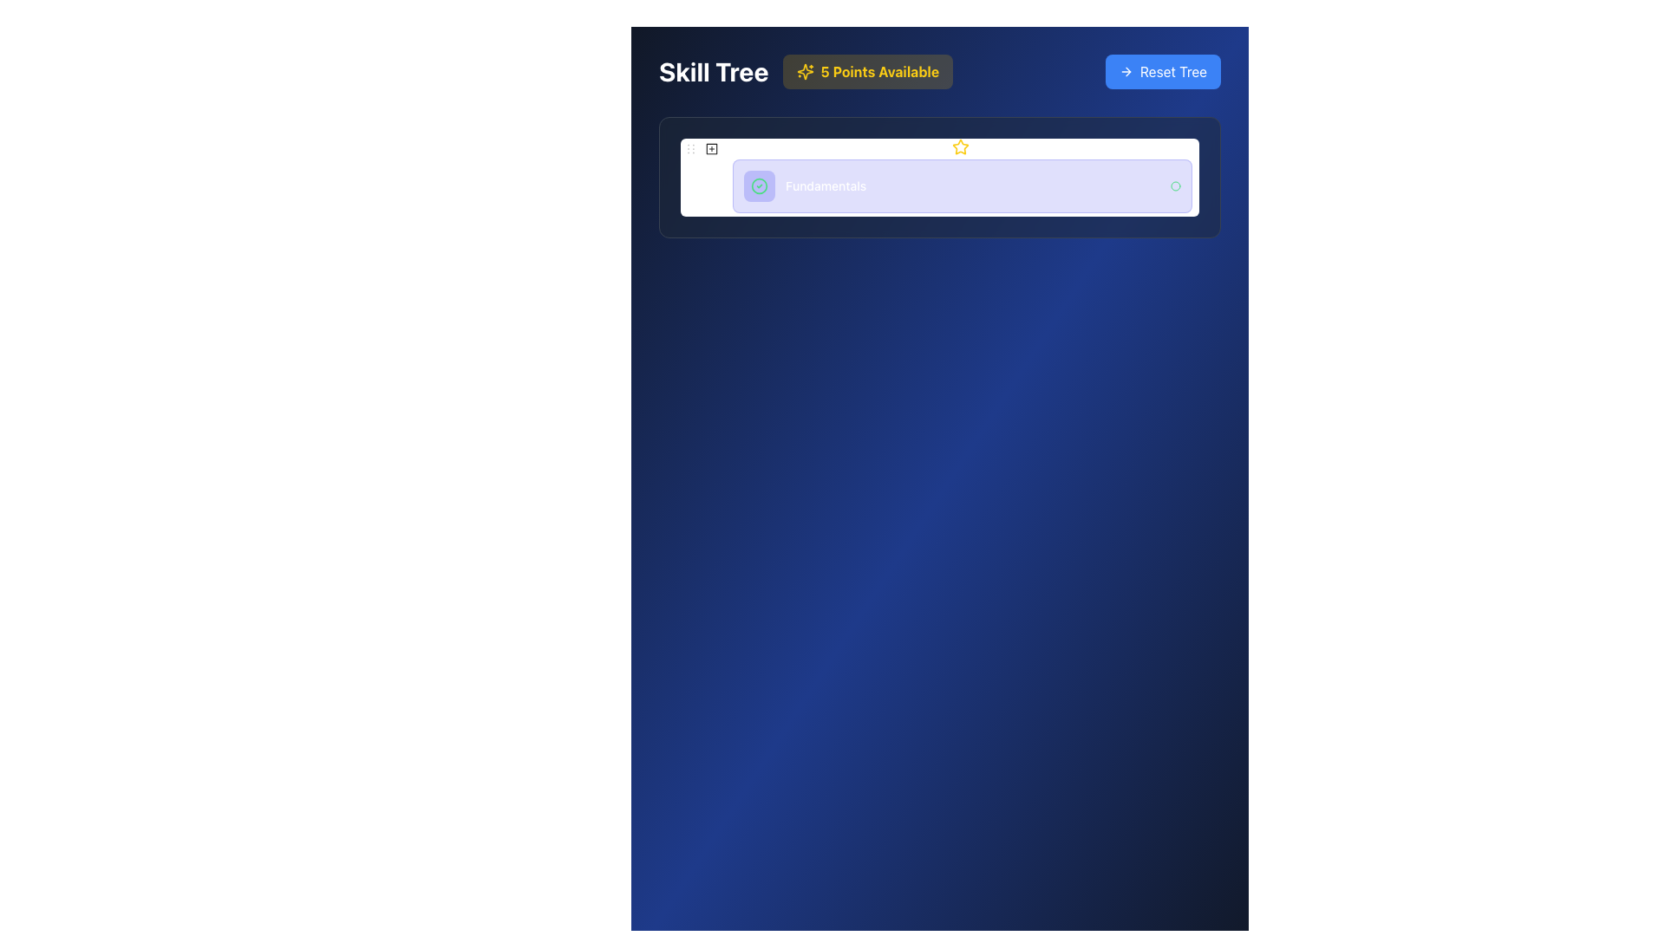  I want to click on the icon-based toggle button located adjacent to the label 'Fundamentals' in the hierarchical tree structure, so click(711, 148).